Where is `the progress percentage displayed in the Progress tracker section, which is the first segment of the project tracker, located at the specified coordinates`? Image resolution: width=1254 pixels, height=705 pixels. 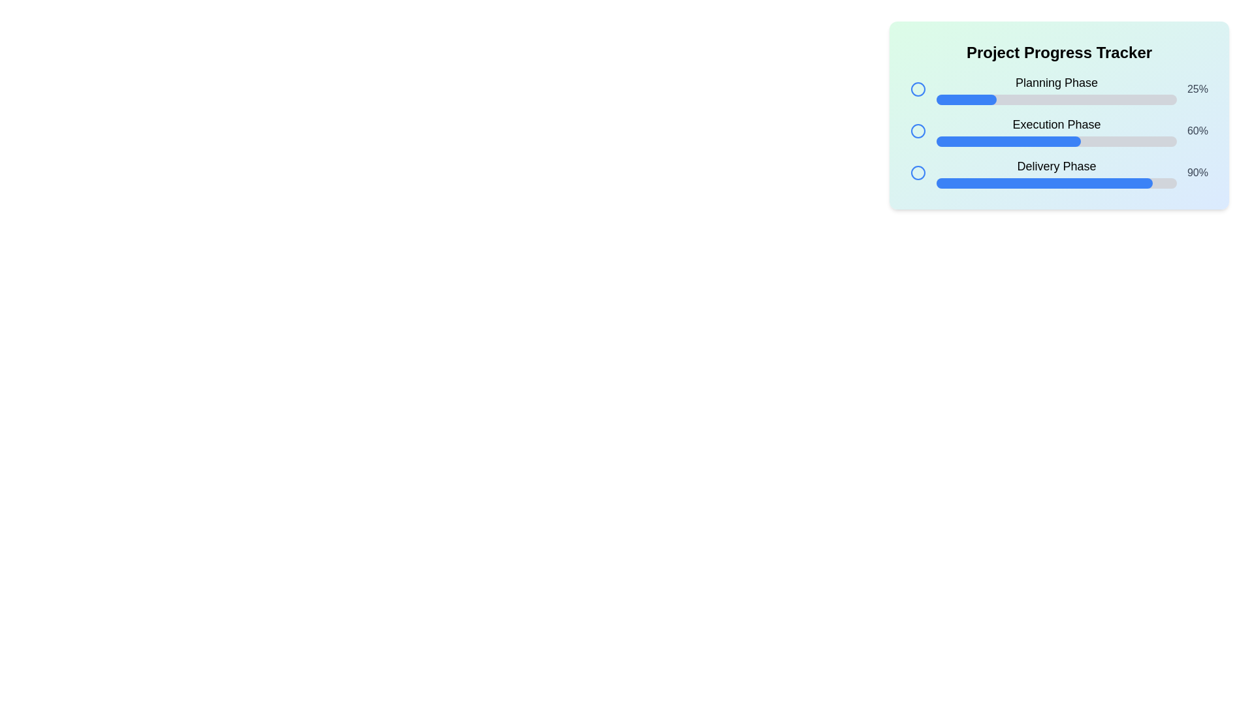 the progress percentage displayed in the Progress tracker section, which is the first segment of the project tracker, located at the specified coordinates is located at coordinates (1059, 89).